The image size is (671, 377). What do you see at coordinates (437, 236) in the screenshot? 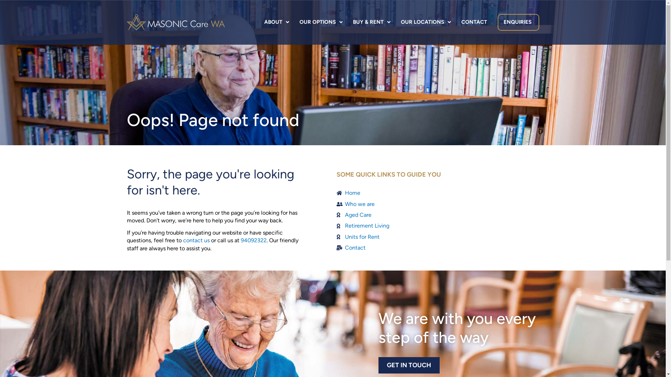
I see `'Units for Rent'` at bounding box center [437, 236].